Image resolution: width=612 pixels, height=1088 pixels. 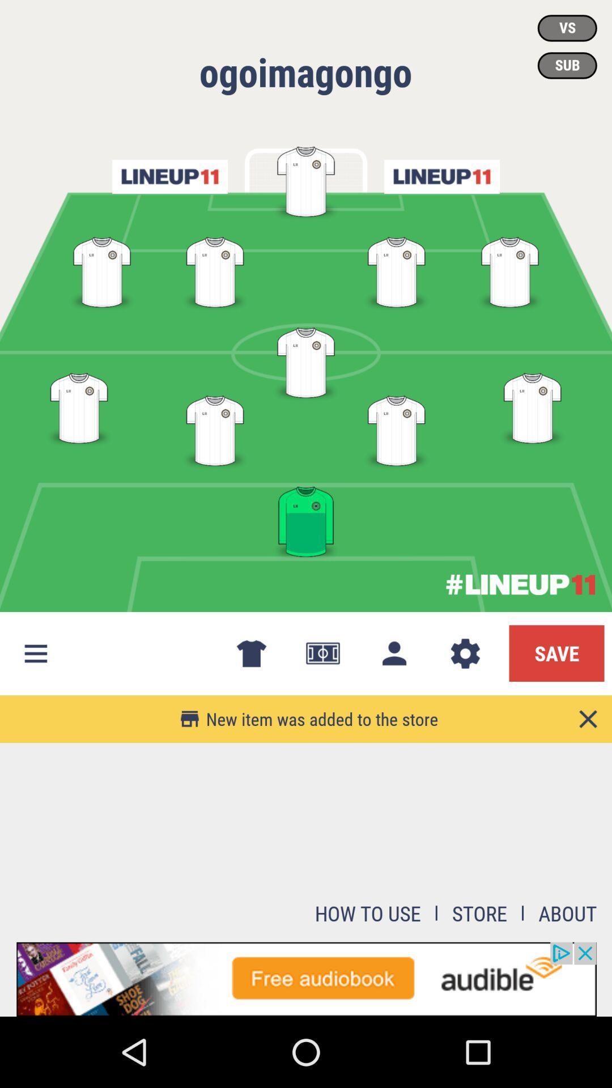 I want to click on the close icon, so click(x=587, y=718).